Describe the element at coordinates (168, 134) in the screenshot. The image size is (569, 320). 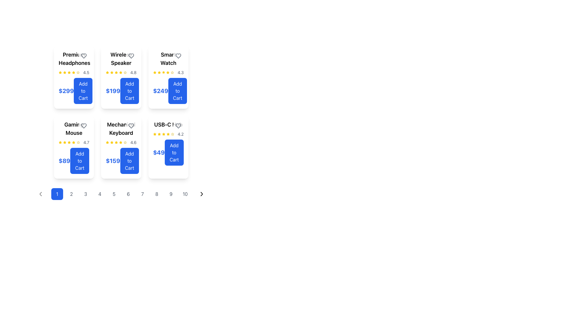
I see `the sixth yellow star icon in the rating display for the 'USB-C Hub' product card, located in the second row and third column` at that location.